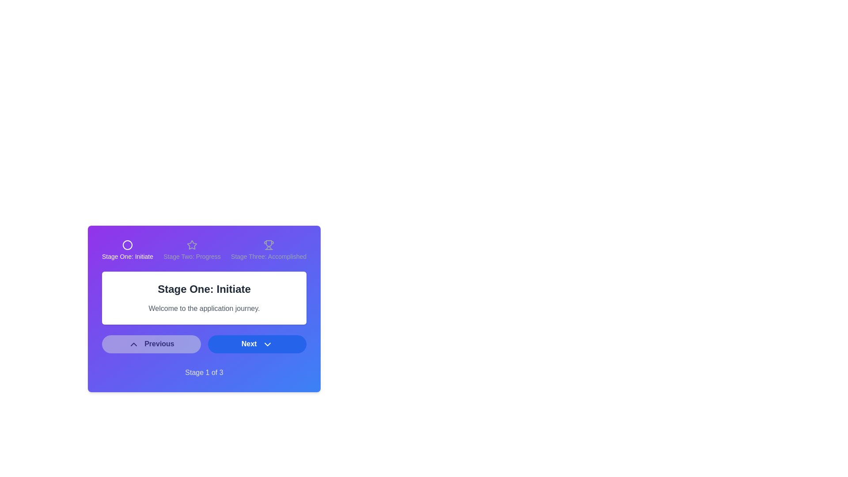  Describe the element at coordinates (192, 257) in the screenshot. I see `text of the label that indicates the current progress stage, which says 'Stage Two: Progress' and is centrally located in the progress indicator sequence` at that location.